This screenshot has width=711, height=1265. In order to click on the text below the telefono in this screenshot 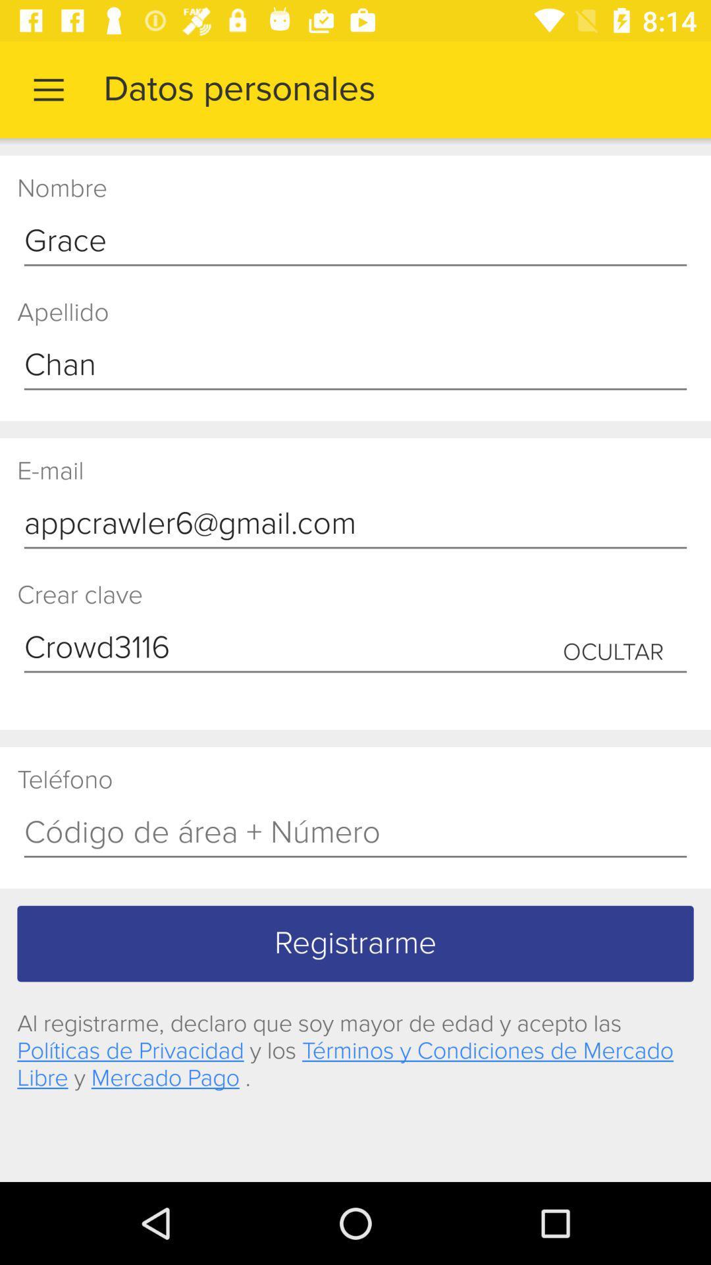, I will do `click(355, 833)`.